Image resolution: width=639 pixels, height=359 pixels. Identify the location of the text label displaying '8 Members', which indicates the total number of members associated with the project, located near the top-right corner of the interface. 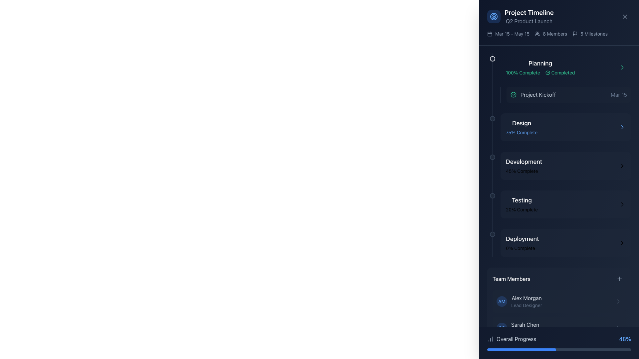
(555, 34).